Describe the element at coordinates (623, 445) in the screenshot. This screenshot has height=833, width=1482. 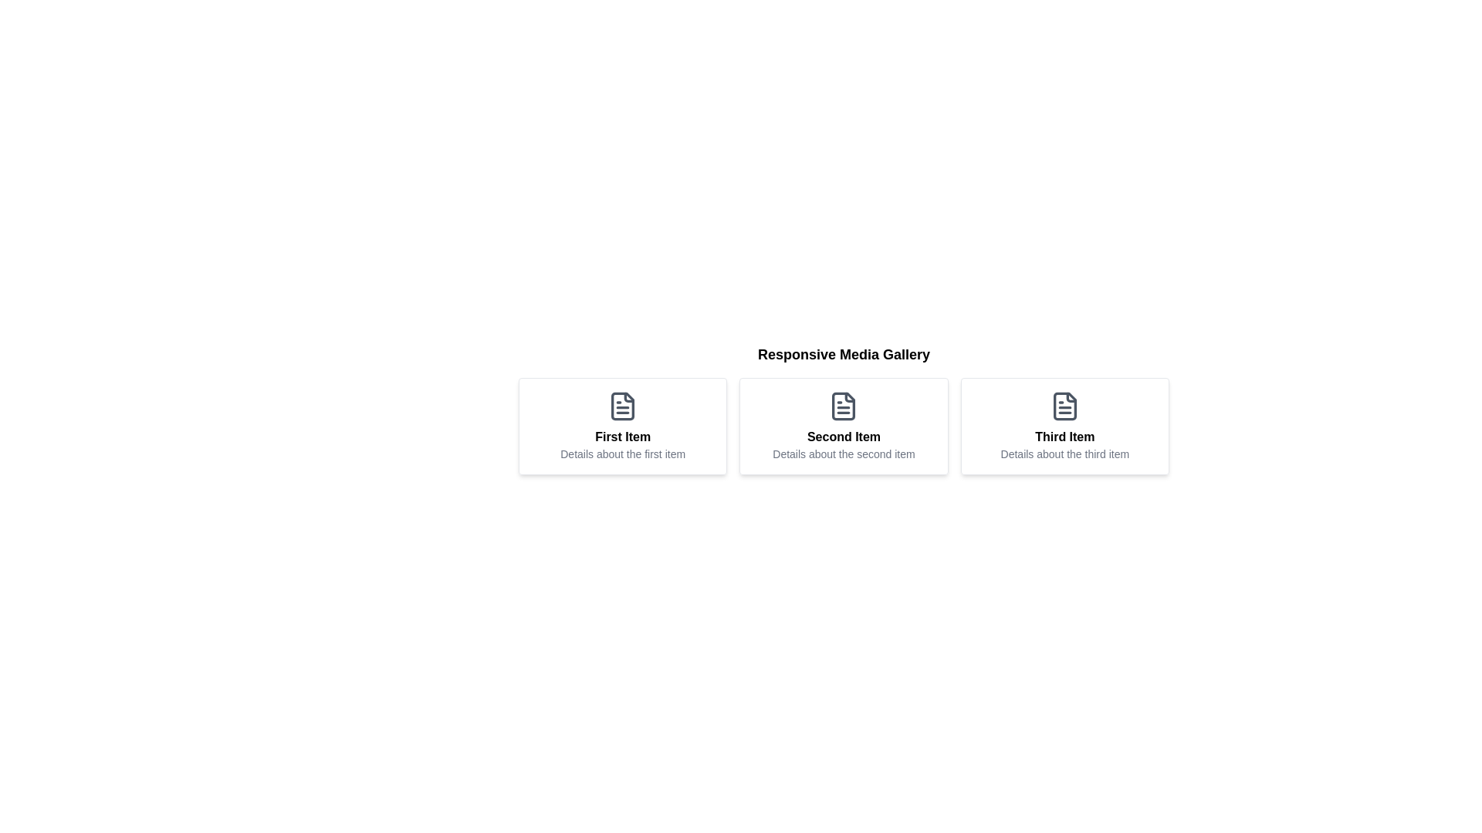
I see `the Informational Label that displays 'First Item' and 'Details about the first item', which is located below an icon in the card layout` at that location.